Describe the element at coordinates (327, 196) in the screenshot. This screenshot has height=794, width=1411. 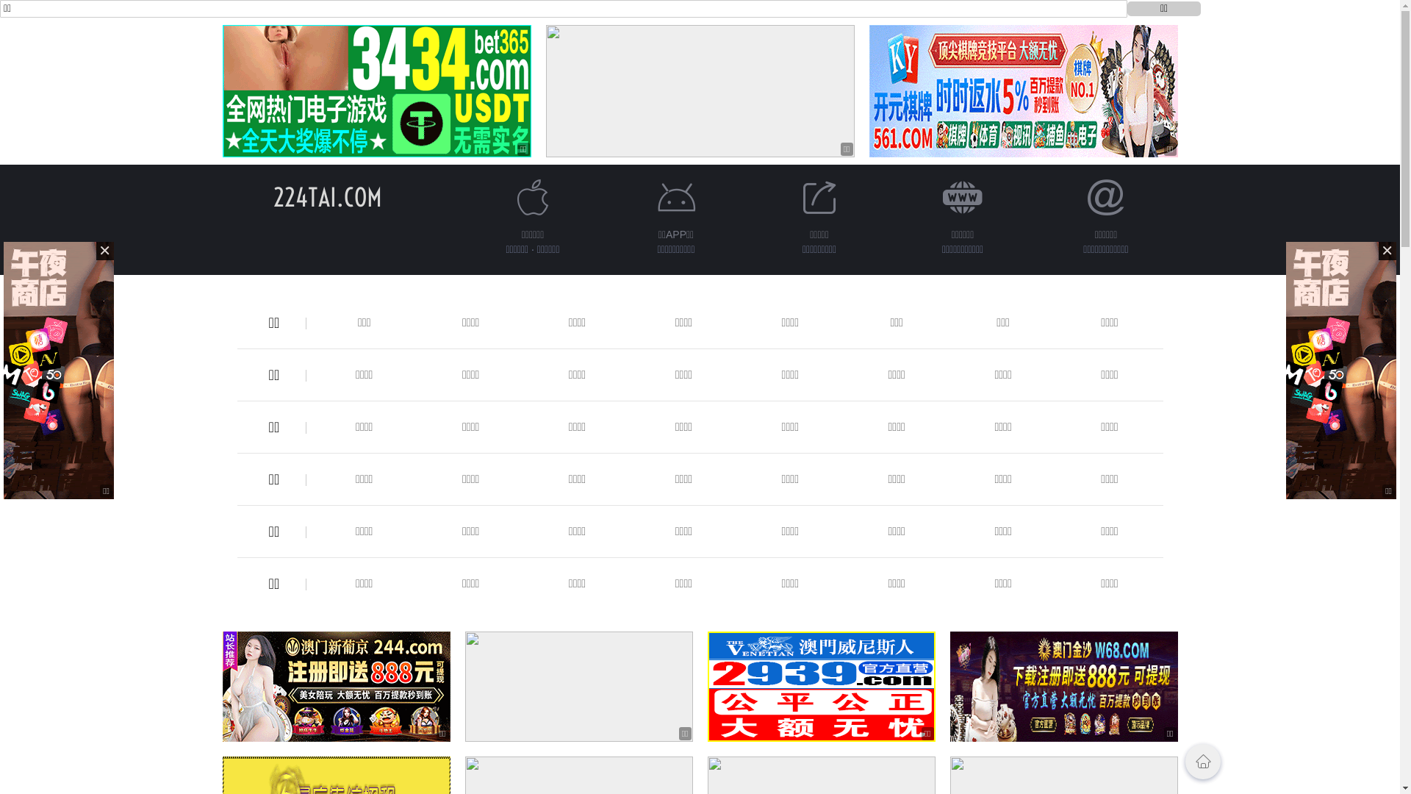
I see `'224TAI.COM'` at that location.